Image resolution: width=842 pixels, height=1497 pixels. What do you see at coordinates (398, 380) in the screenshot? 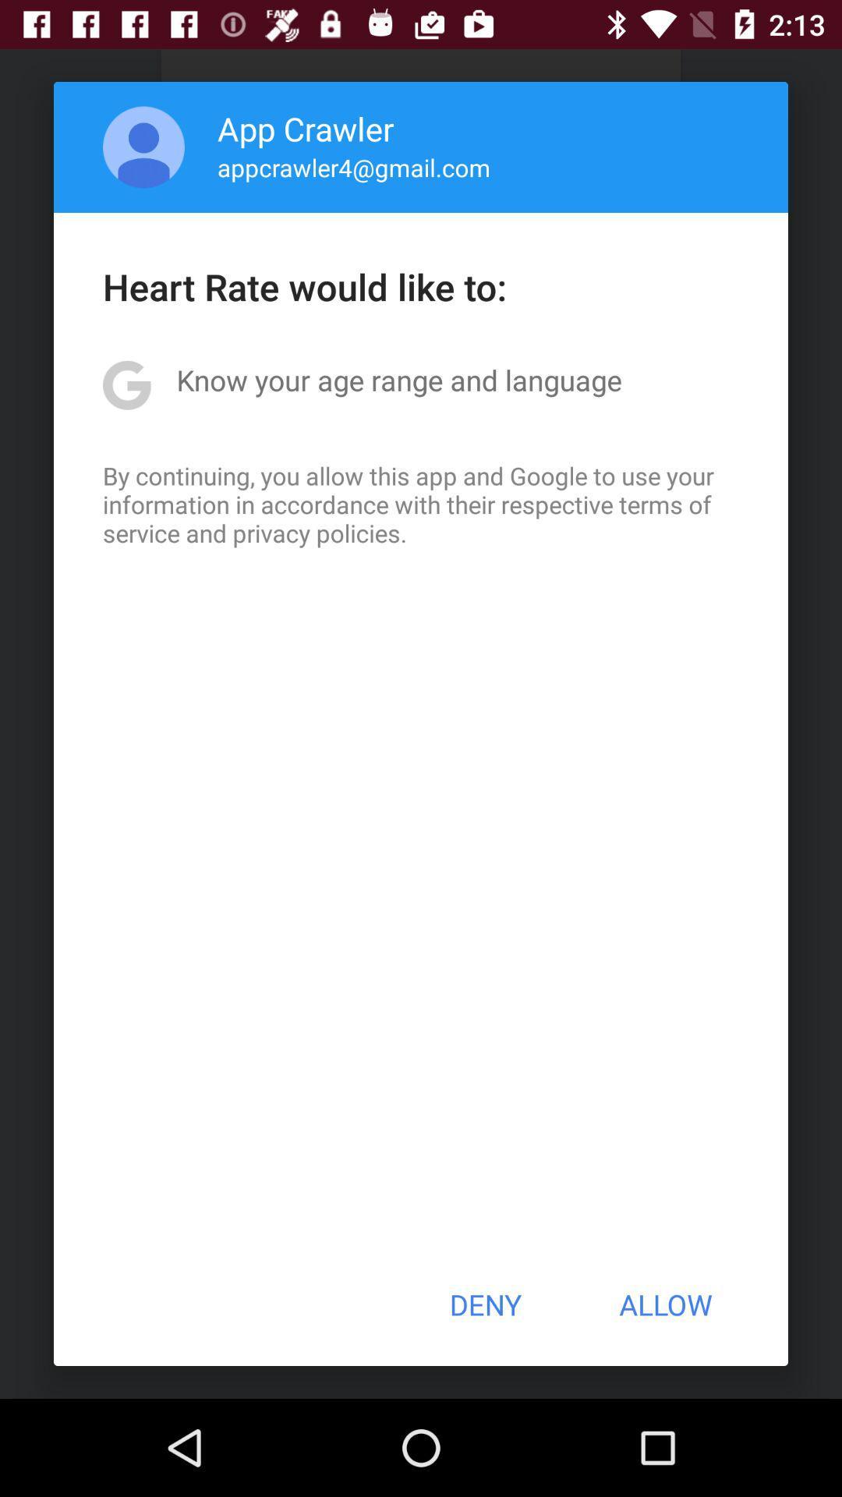
I see `know your age icon` at bounding box center [398, 380].